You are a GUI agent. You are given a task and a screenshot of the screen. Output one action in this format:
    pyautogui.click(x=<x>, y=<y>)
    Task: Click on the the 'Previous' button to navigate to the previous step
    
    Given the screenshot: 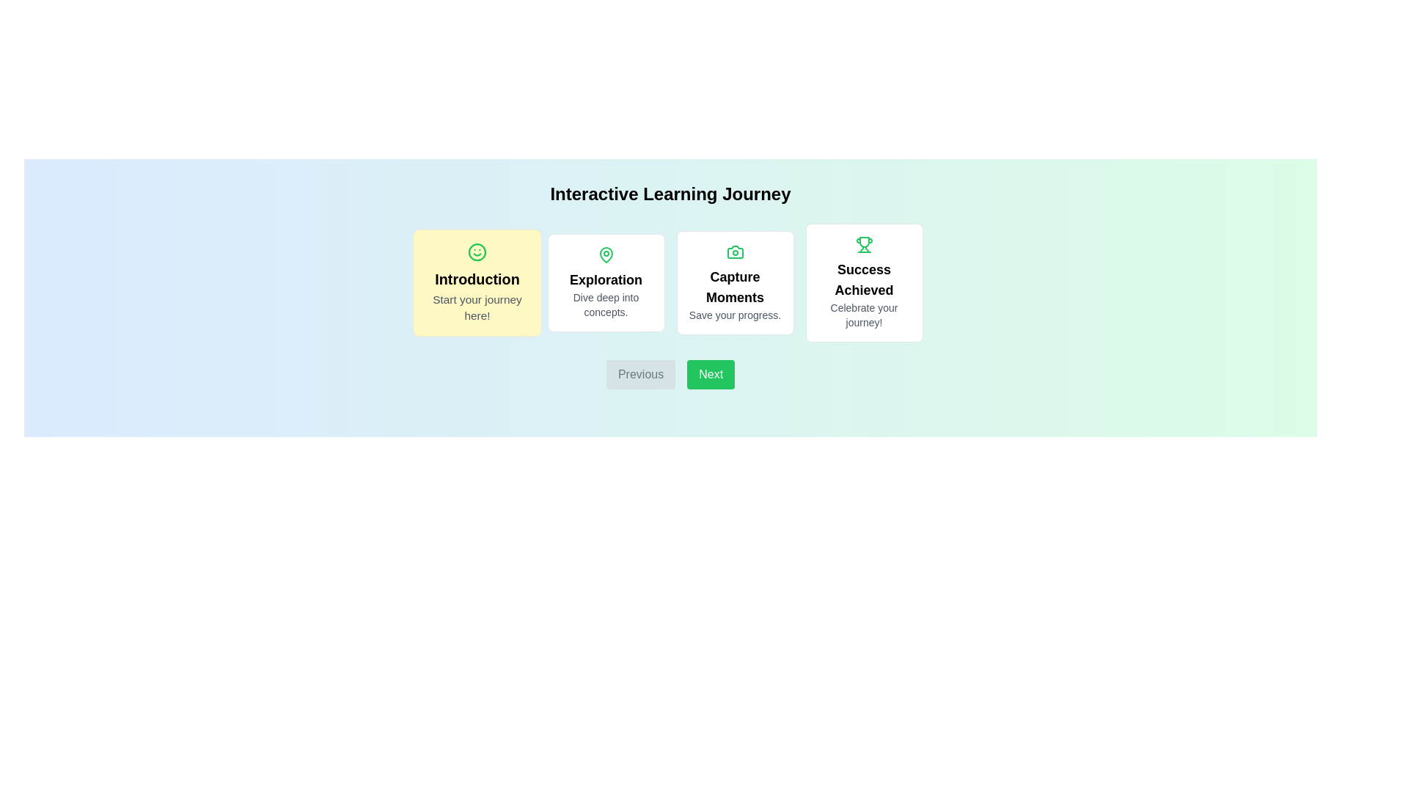 What is the action you would take?
    pyautogui.click(x=640, y=373)
    